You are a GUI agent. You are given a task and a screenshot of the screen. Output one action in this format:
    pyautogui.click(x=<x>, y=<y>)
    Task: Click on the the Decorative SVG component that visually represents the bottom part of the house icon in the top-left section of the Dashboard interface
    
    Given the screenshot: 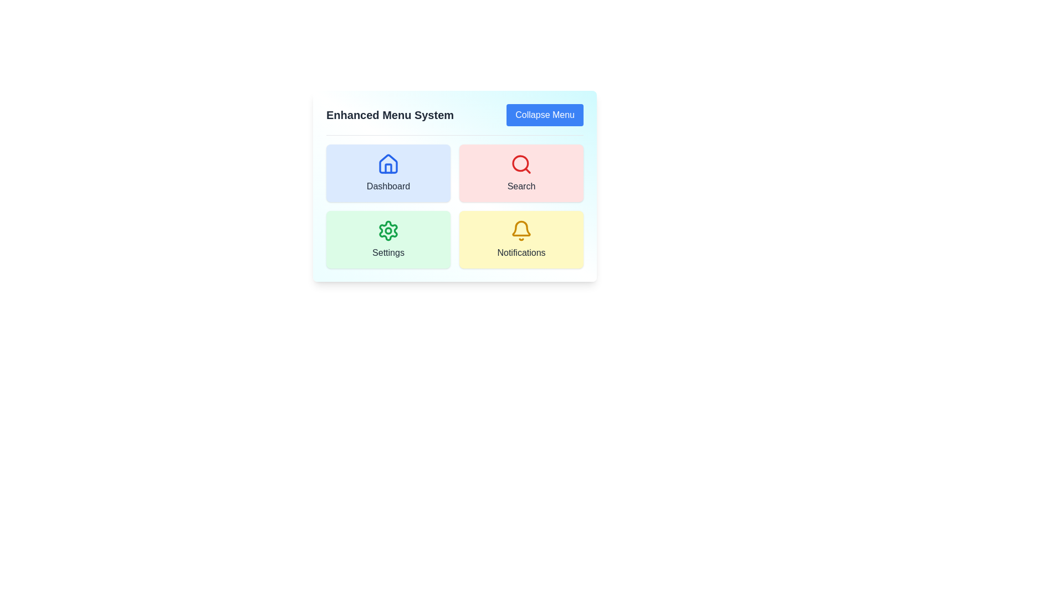 What is the action you would take?
    pyautogui.click(x=388, y=168)
    